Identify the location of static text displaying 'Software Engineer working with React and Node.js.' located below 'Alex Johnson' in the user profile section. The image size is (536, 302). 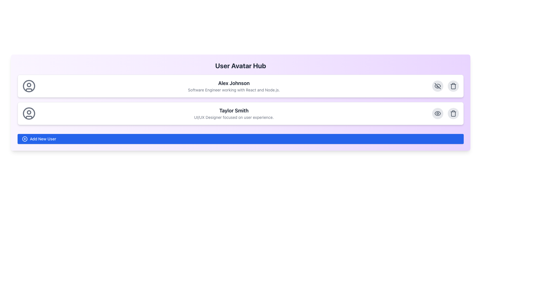
(234, 89).